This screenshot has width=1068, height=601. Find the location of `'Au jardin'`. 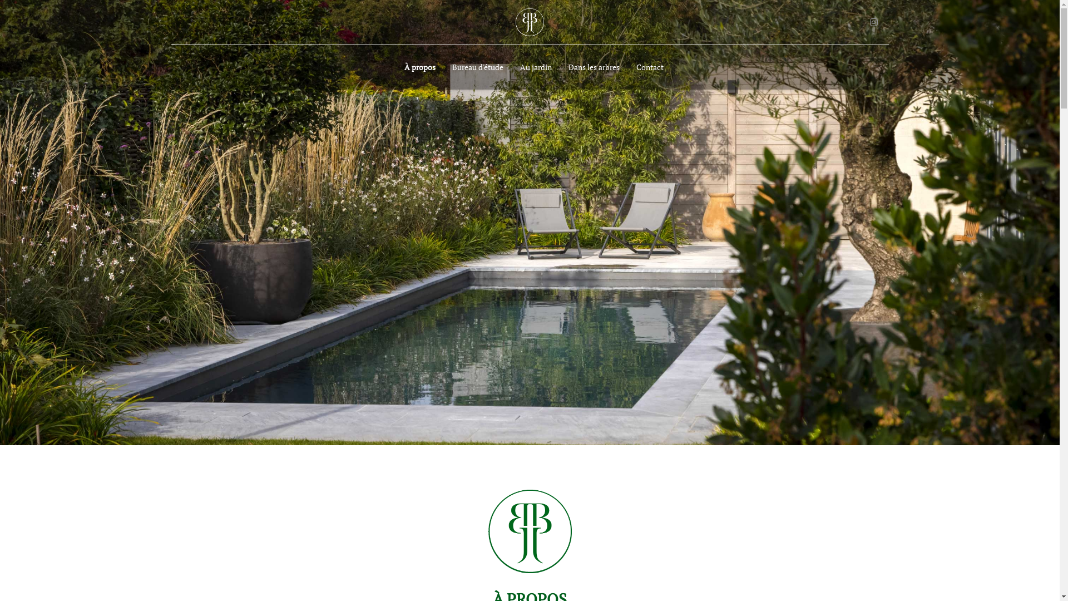

'Au jardin' is located at coordinates (536, 67).